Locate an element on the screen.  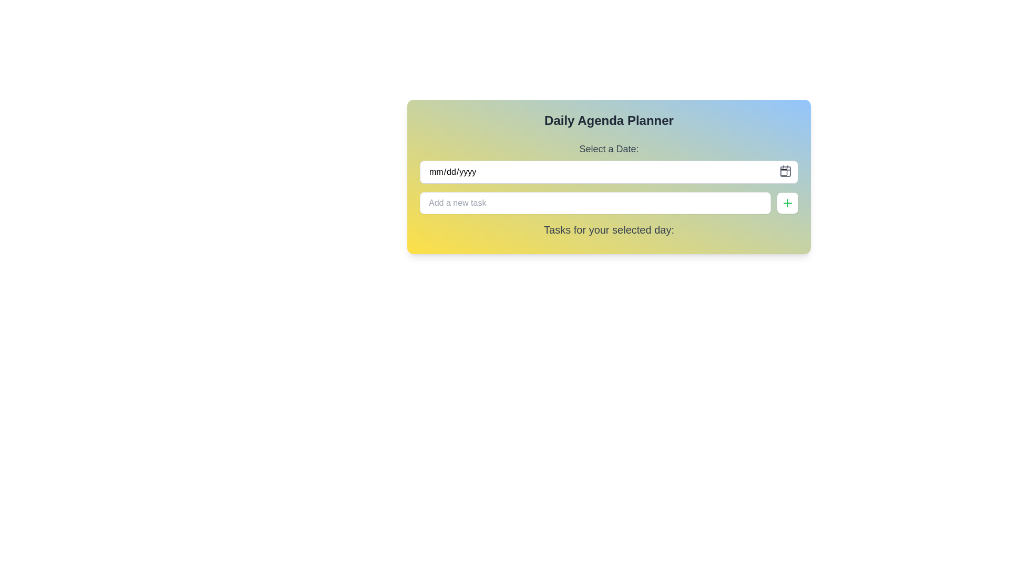
the date field on the interactive planner interface to pick a date is located at coordinates (609, 176).